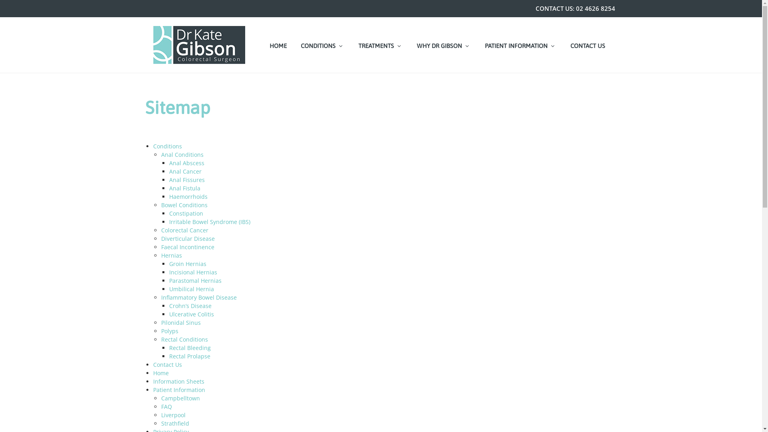 Image resolution: width=768 pixels, height=432 pixels. I want to click on 'Liverpool', so click(160, 414).